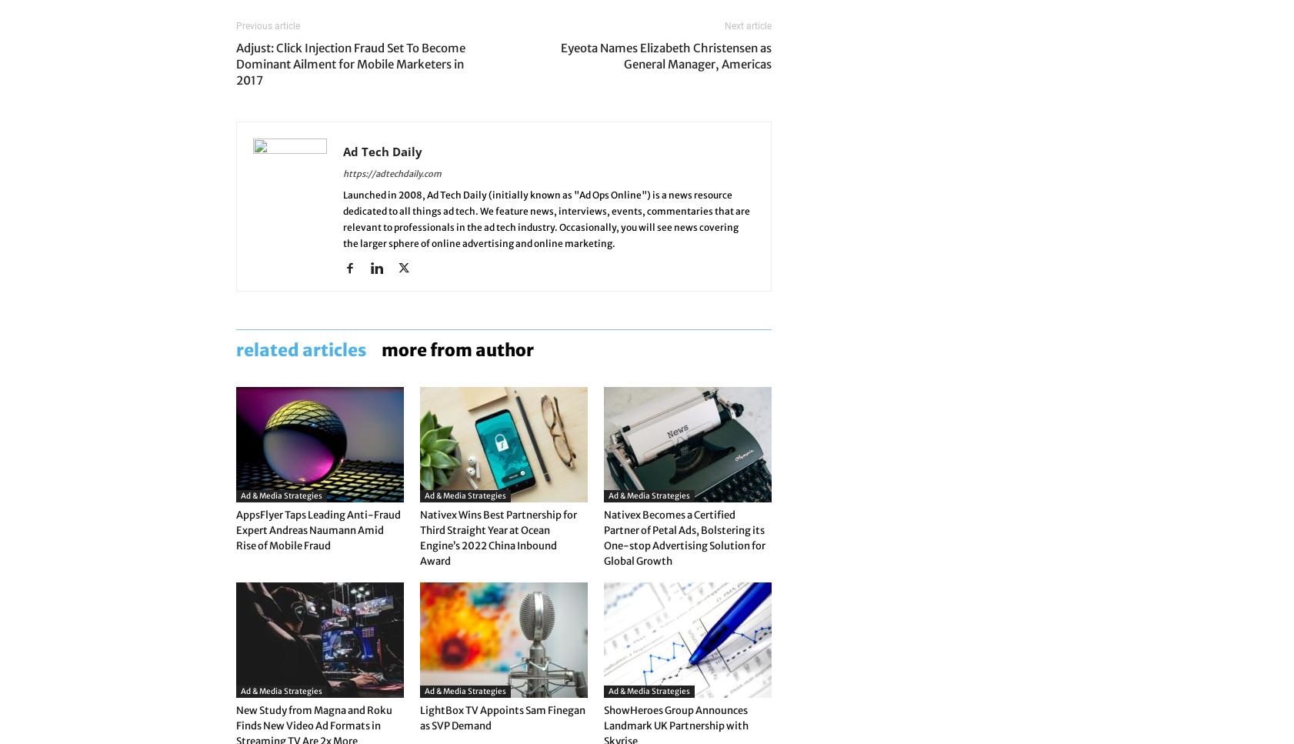 The image size is (1294, 744). I want to click on 'Eyeota Names Elizabeth Christensen as General Manager, Americas', so click(560, 55).